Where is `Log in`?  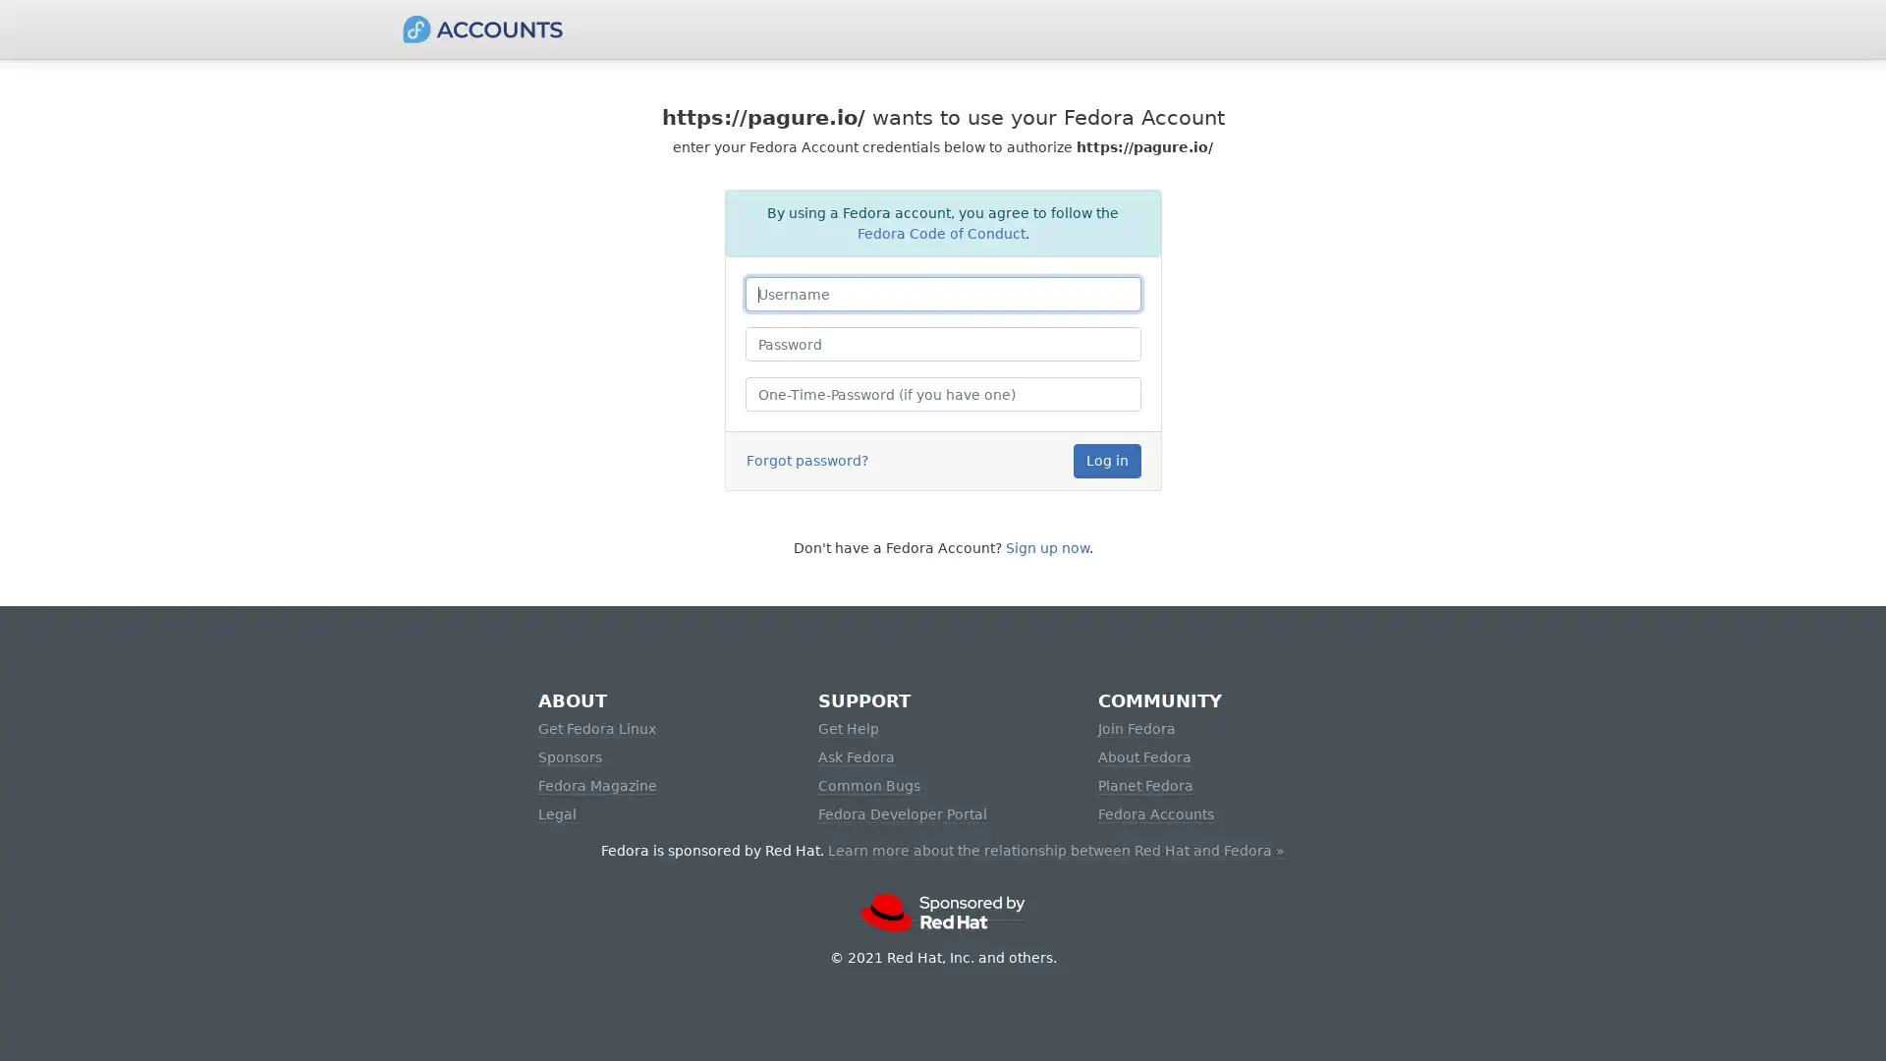
Log in is located at coordinates (1106, 461).